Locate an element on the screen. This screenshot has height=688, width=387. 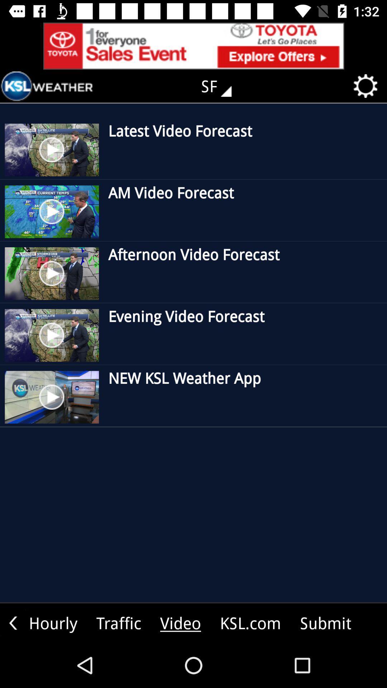
go back is located at coordinates (13, 622).